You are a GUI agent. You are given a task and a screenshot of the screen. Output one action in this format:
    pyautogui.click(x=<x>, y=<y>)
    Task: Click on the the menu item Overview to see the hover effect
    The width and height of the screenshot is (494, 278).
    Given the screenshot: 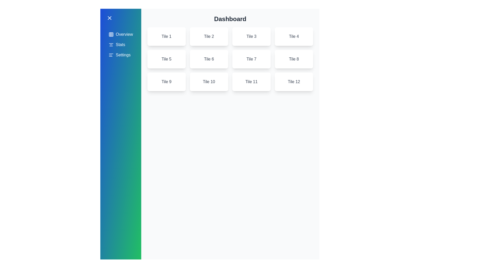 What is the action you would take?
    pyautogui.click(x=120, y=34)
    